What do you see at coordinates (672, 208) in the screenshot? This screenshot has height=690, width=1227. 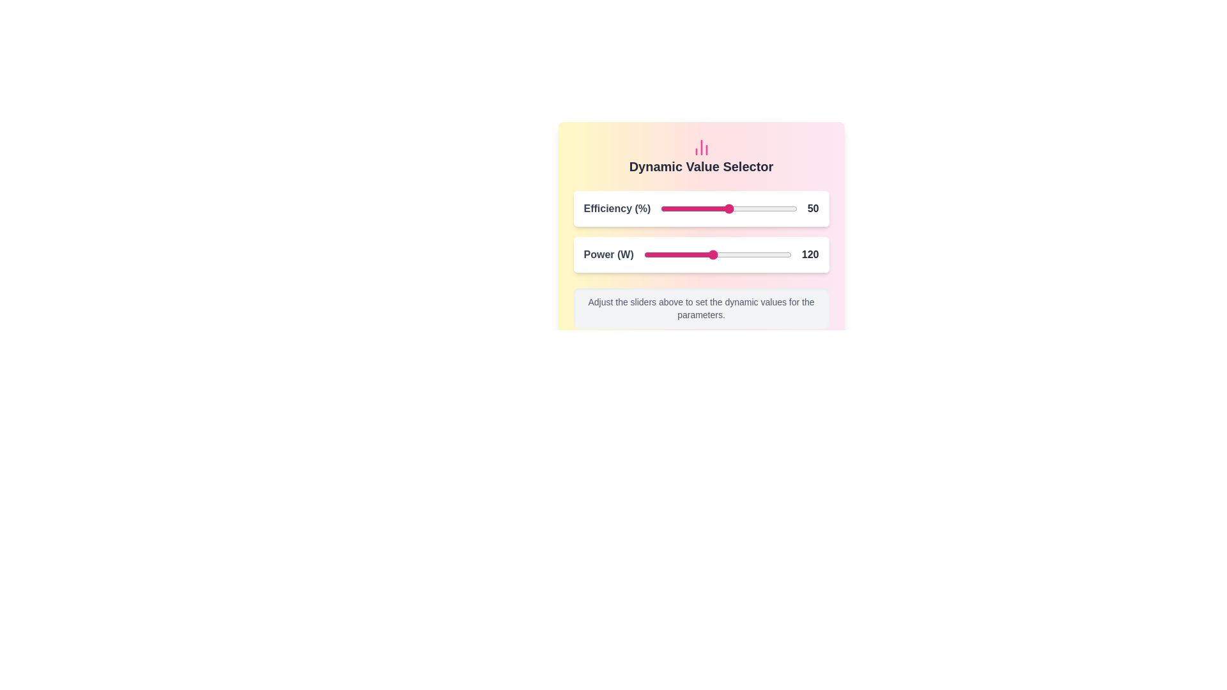 I see `the Efficiency slider to 9 percentage` at bounding box center [672, 208].